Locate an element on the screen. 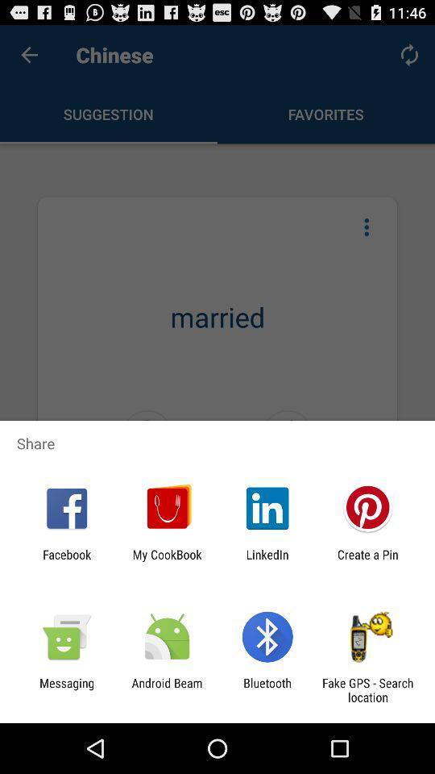  item next to the my cookbook icon is located at coordinates (267, 561).